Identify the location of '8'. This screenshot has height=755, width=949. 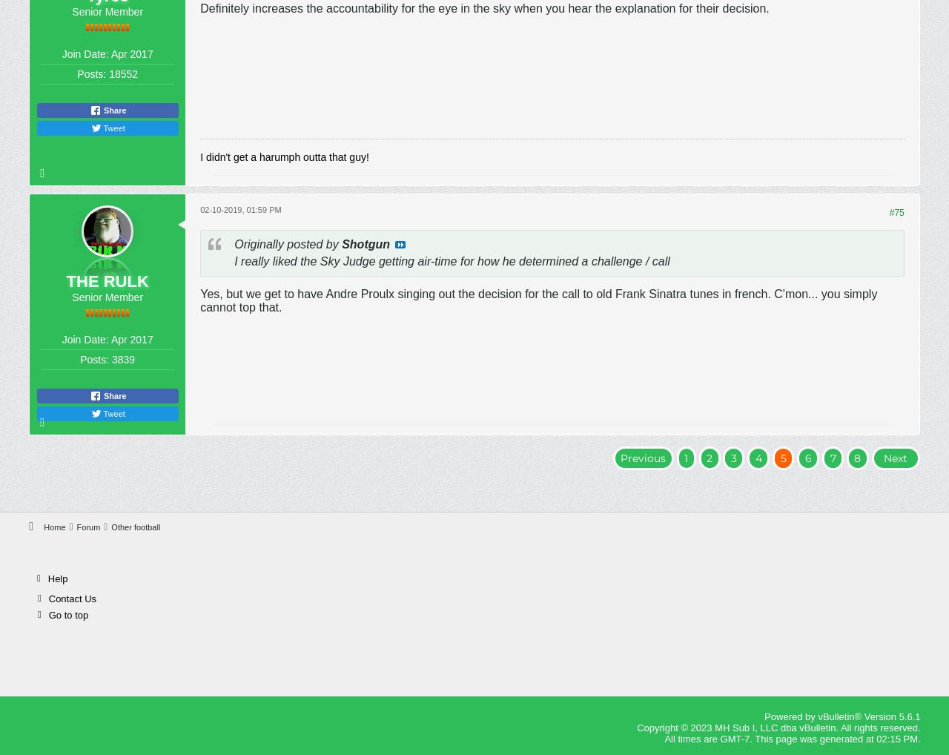
(857, 457).